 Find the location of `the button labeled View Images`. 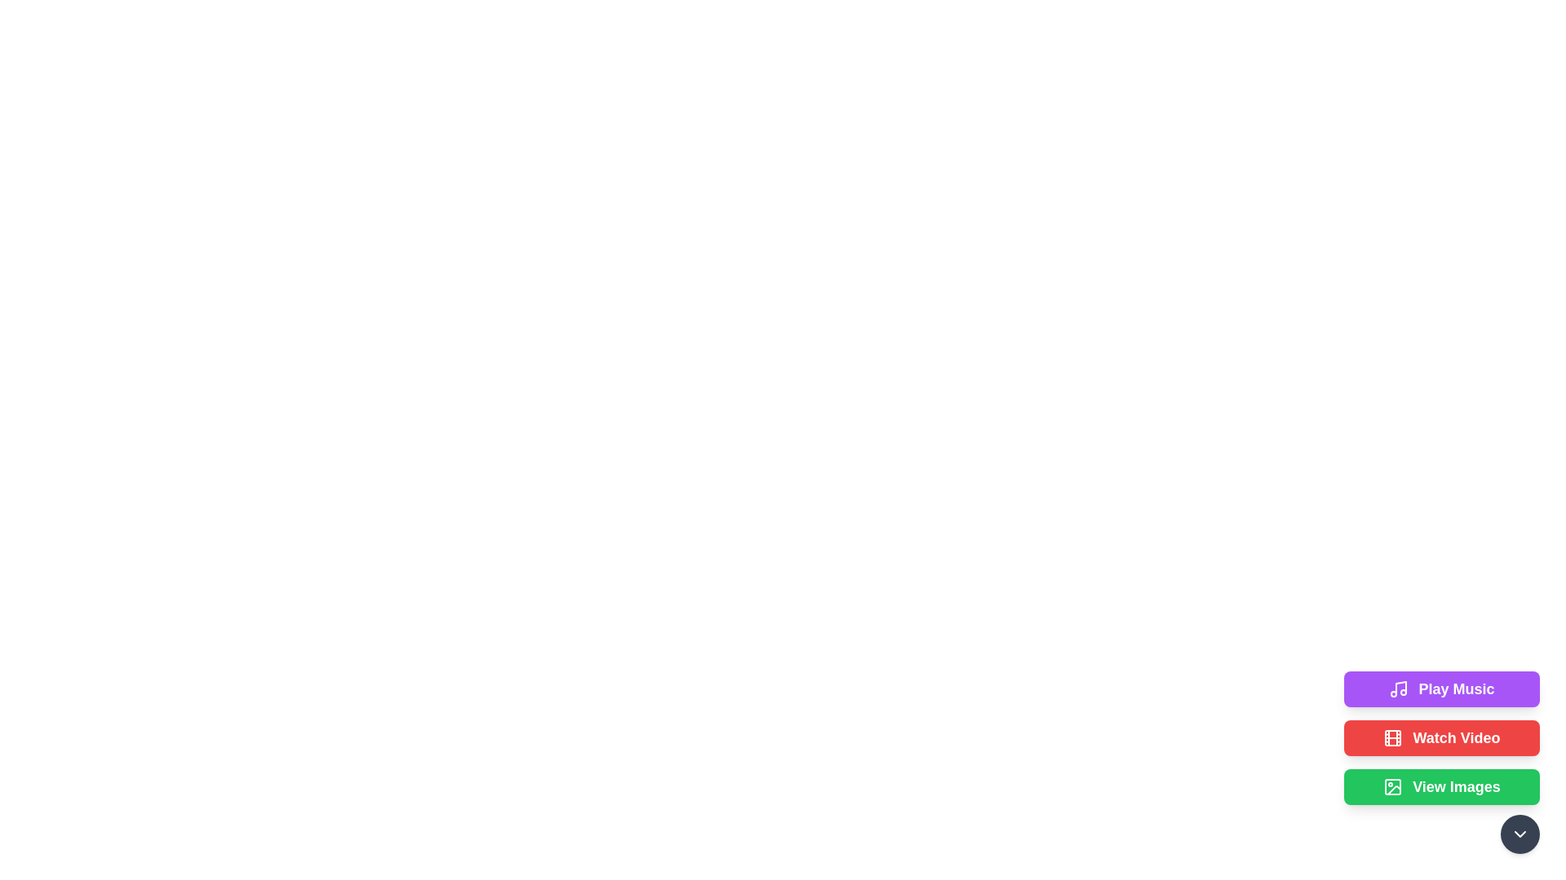

the button labeled View Images is located at coordinates (1441, 785).